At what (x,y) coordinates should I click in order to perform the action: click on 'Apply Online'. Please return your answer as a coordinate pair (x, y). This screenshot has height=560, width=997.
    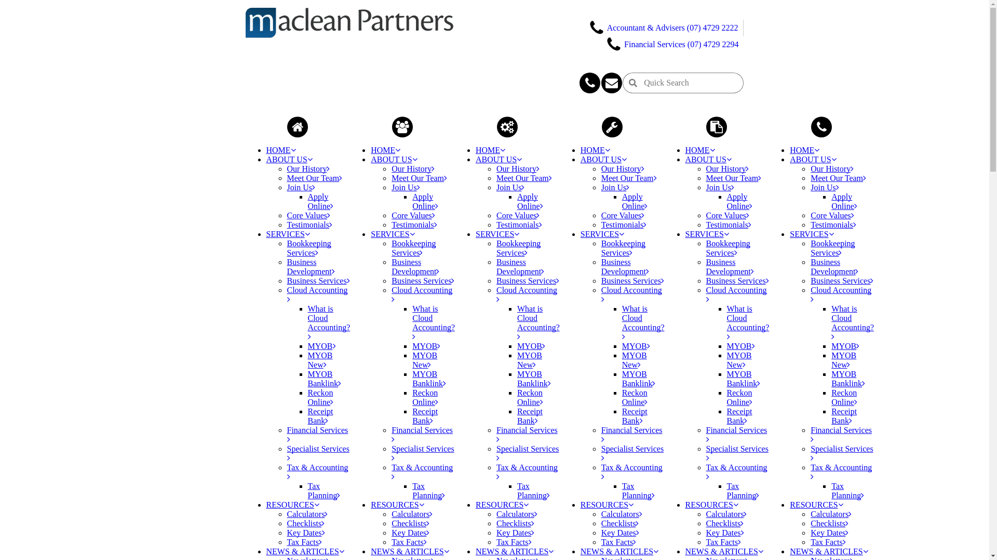
    Looking at the image, I should click on (530, 201).